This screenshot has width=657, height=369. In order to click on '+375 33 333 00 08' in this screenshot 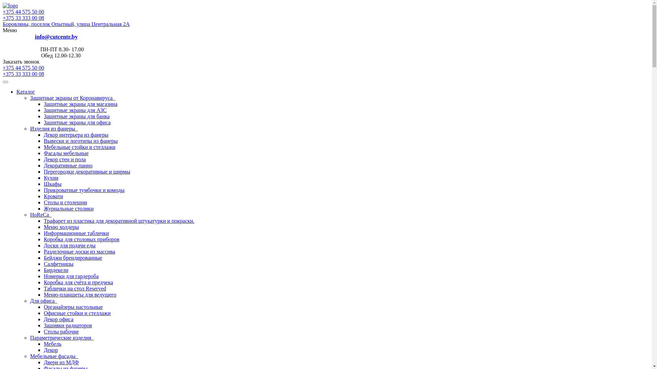, I will do `click(23, 17)`.